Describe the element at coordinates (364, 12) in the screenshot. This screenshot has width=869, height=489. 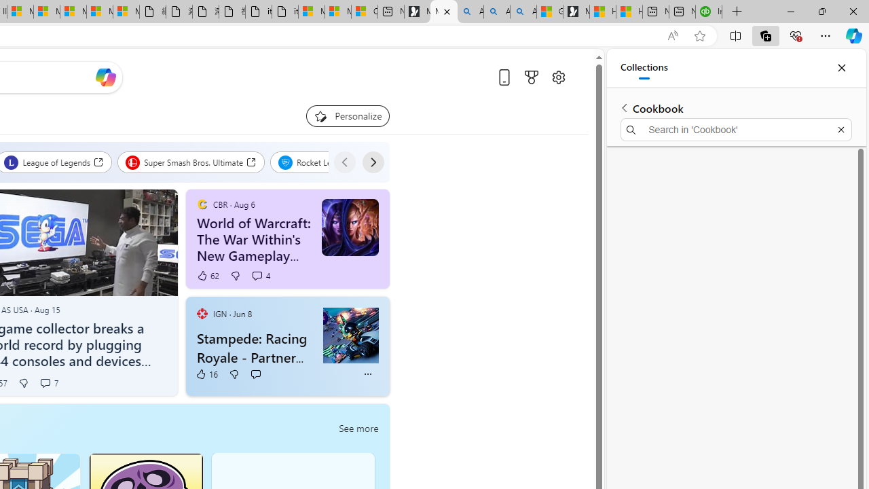
I see `'Consumer Health Data Privacy Policy'` at that location.